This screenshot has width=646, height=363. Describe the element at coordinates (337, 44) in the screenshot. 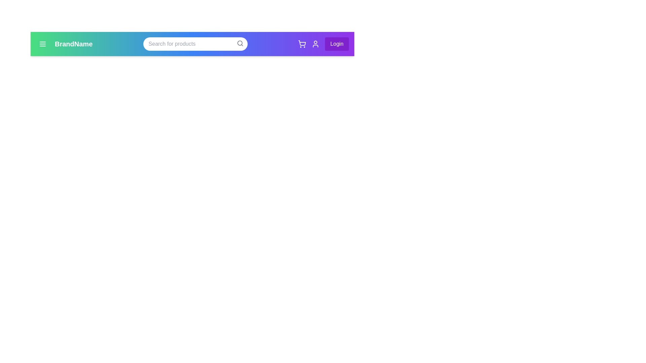

I see `the login button located at the top-right corner of the app bar` at that location.